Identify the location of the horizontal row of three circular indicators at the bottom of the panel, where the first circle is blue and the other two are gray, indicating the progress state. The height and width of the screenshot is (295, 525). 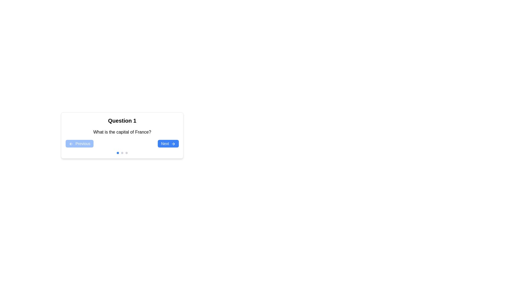
(122, 153).